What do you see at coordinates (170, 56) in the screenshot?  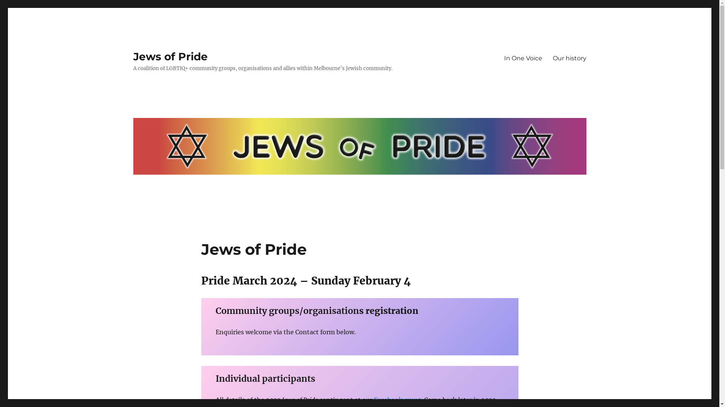 I see `'Jews of Pride'` at bounding box center [170, 56].